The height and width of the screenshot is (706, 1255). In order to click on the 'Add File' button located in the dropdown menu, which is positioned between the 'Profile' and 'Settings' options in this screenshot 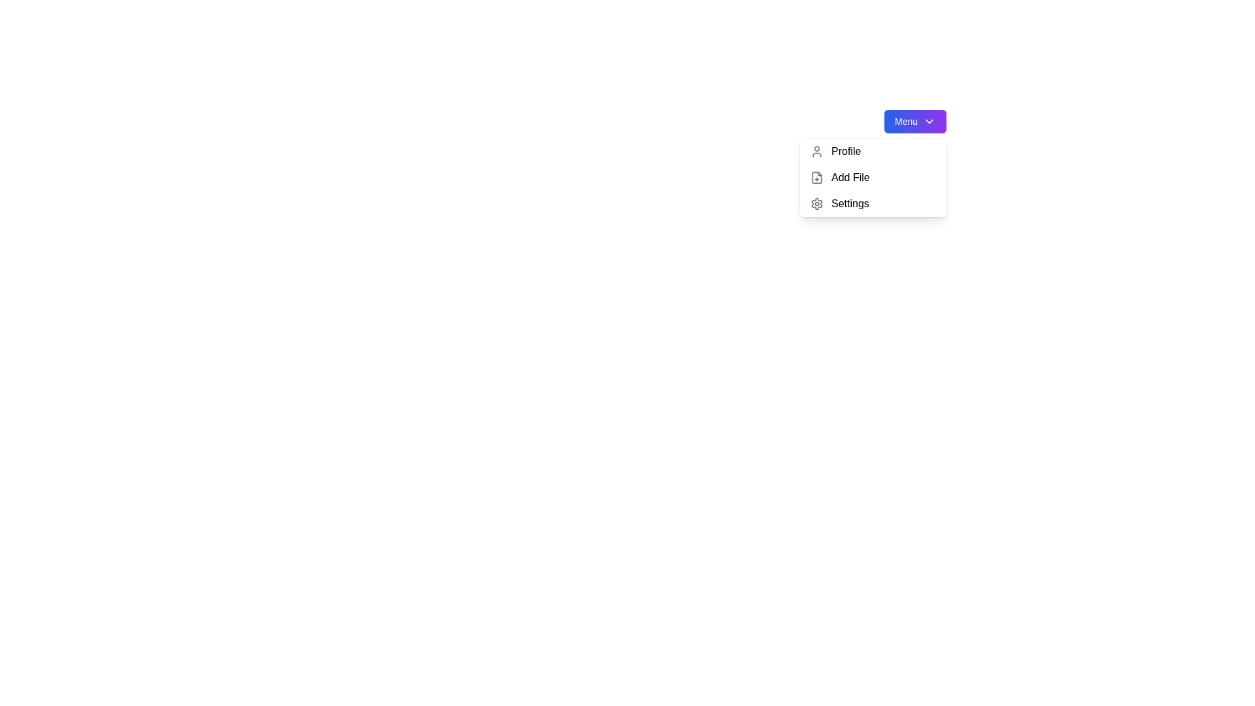, I will do `click(873, 178)`.